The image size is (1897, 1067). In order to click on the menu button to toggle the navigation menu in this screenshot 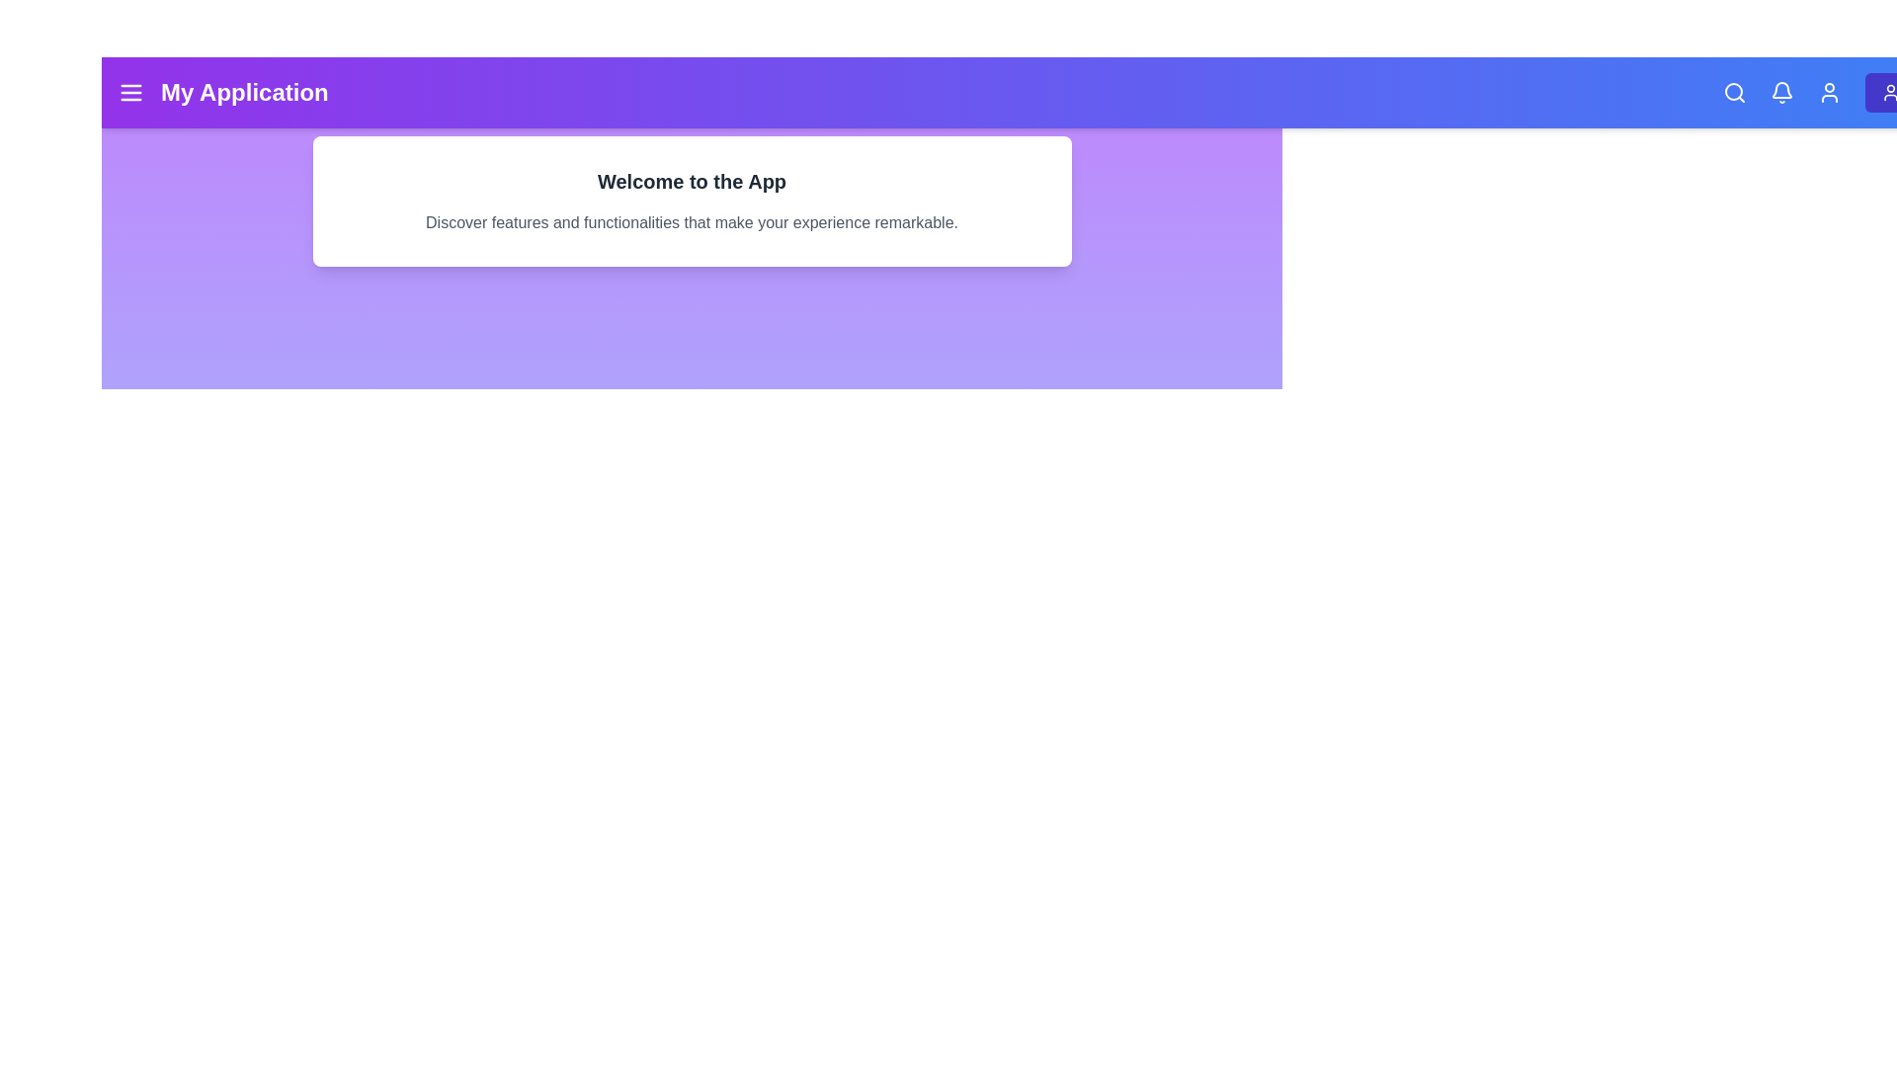, I will do `click(130, 92)`.